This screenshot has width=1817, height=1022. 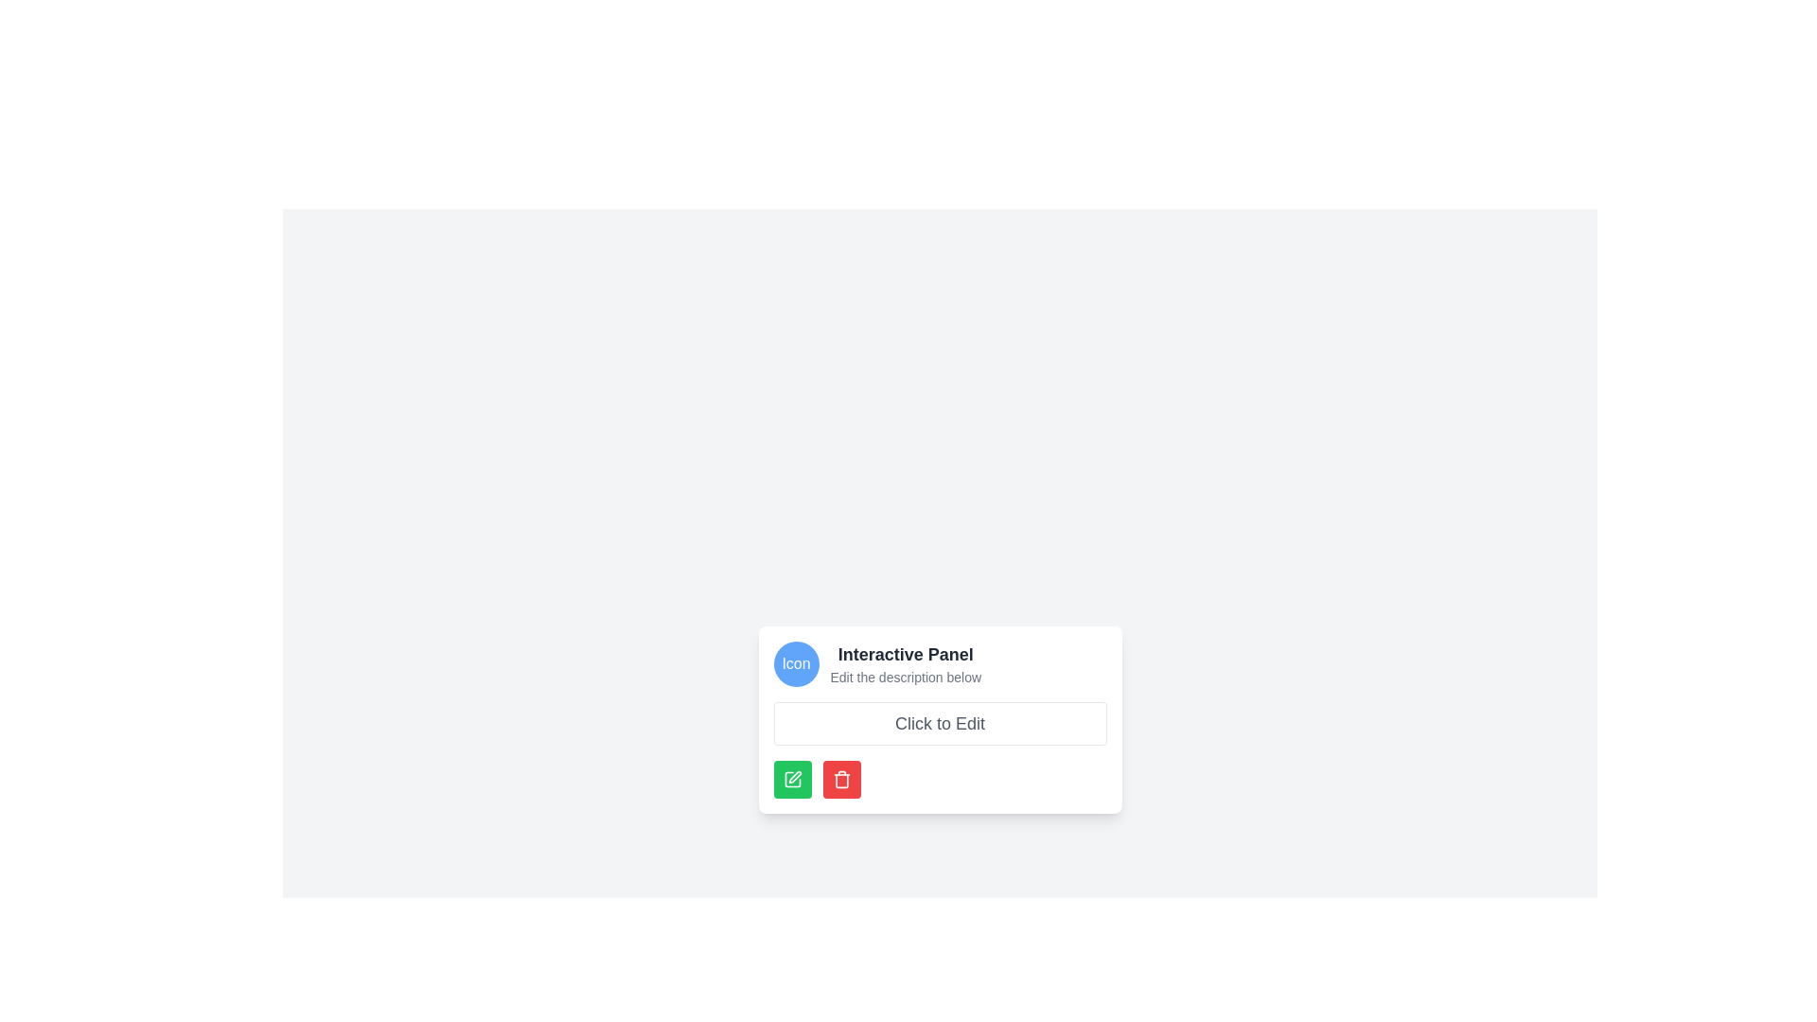 What do you see at coordinates (940, 723) in the screenshot?
I see `the Text Placeholder which contains the text 'Click to Edit'` at bounding box center [940, 723].